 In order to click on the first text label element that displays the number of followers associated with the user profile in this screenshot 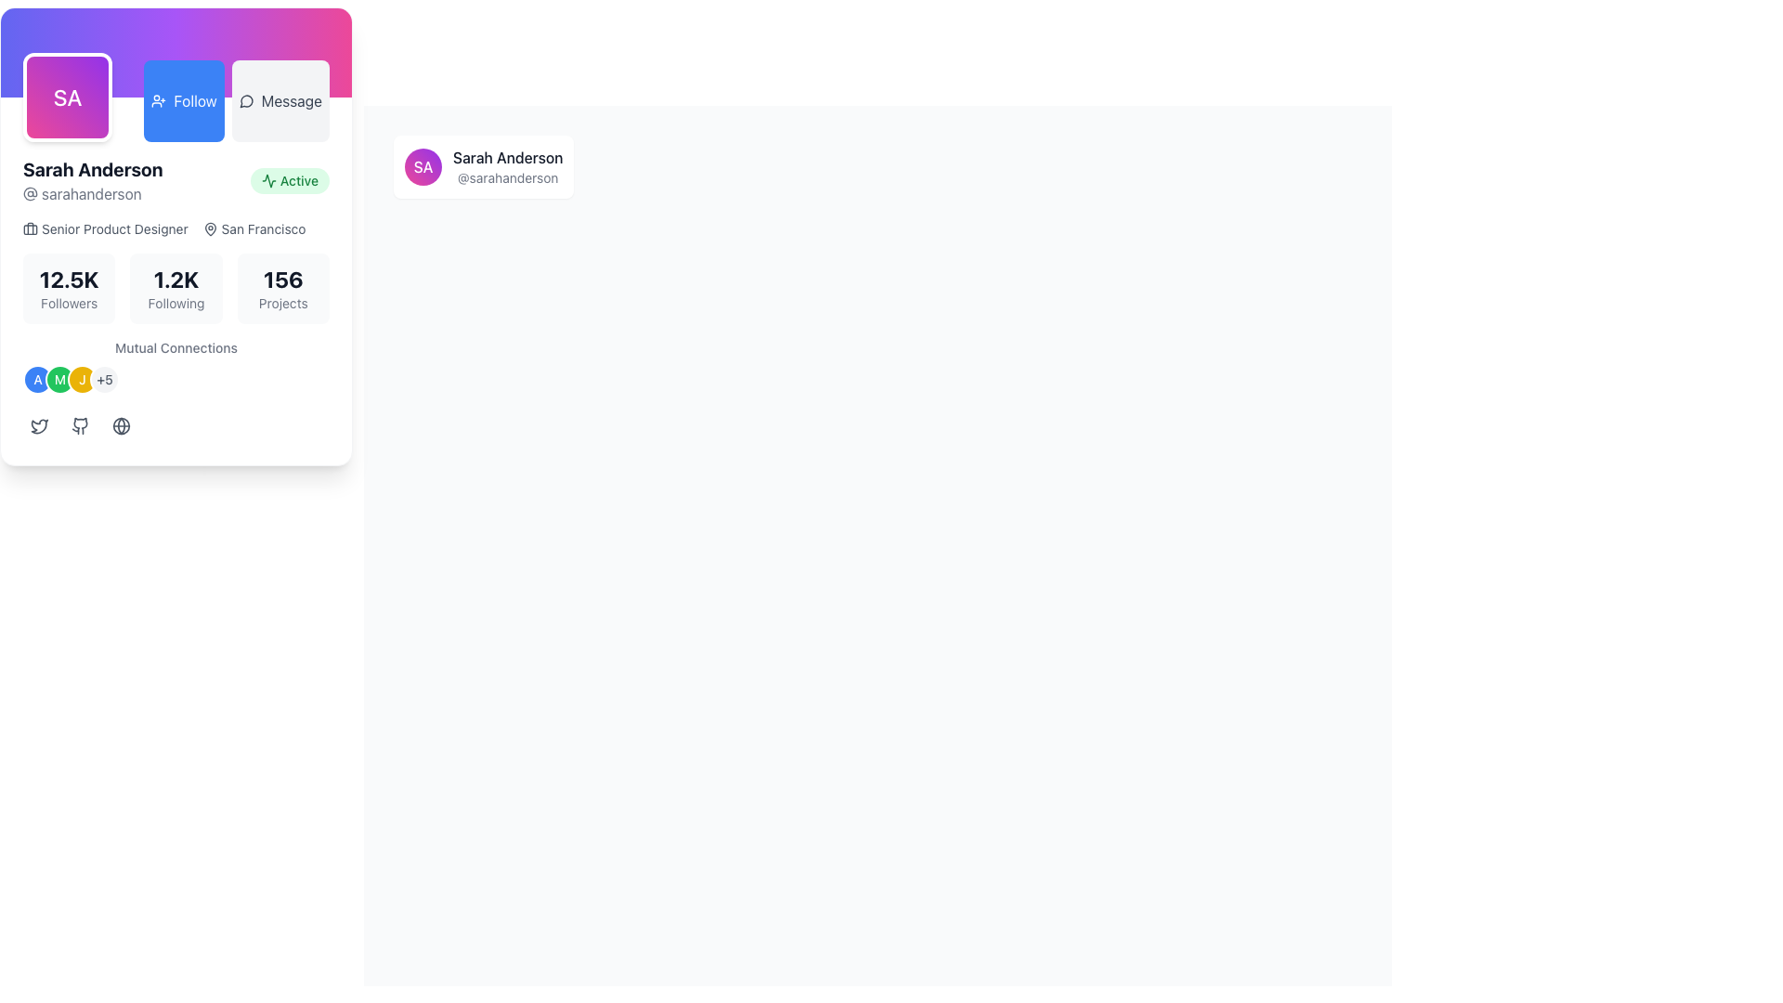, I will do `click(69, 289)`.